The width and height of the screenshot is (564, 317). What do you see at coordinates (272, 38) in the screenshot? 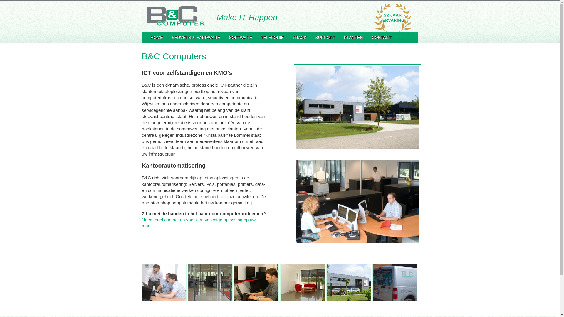
I see `'TELEFONIE'` at bounding box center [272, 38].